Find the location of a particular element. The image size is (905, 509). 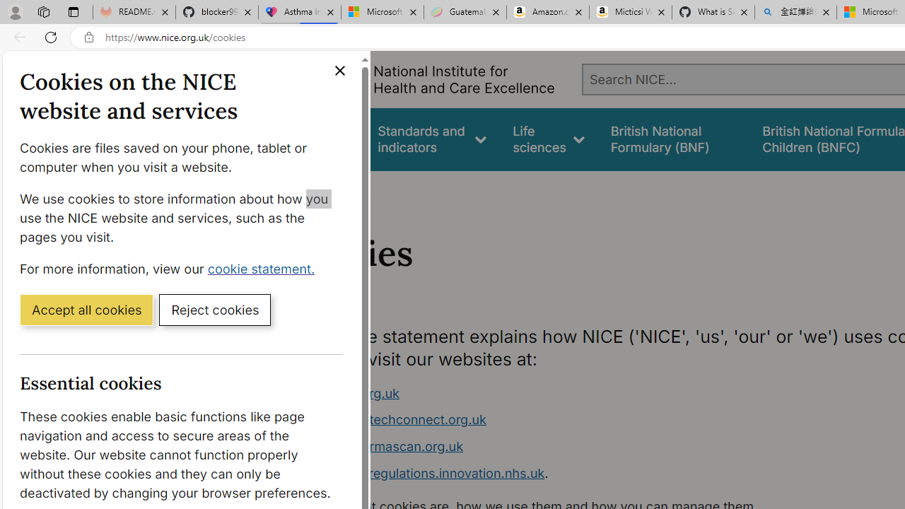

'Reject cookies' is located at coordinates (214, 308).